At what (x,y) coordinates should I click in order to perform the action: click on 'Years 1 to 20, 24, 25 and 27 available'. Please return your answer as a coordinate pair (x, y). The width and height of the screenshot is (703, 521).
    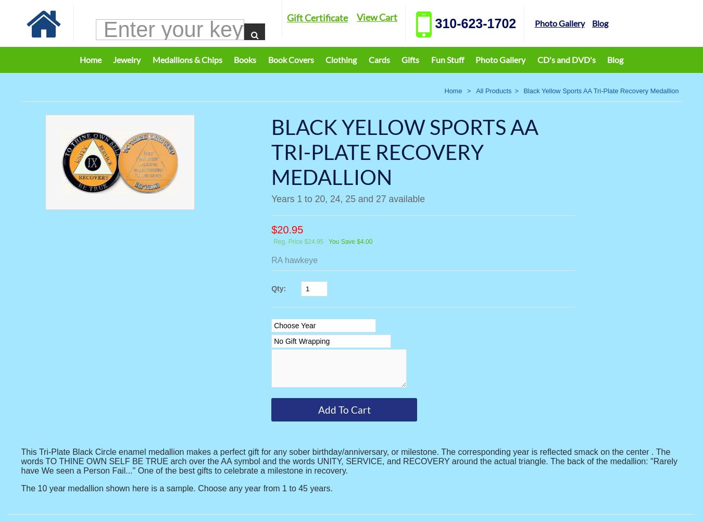
    Looking at the image, I should click on (347, 199).